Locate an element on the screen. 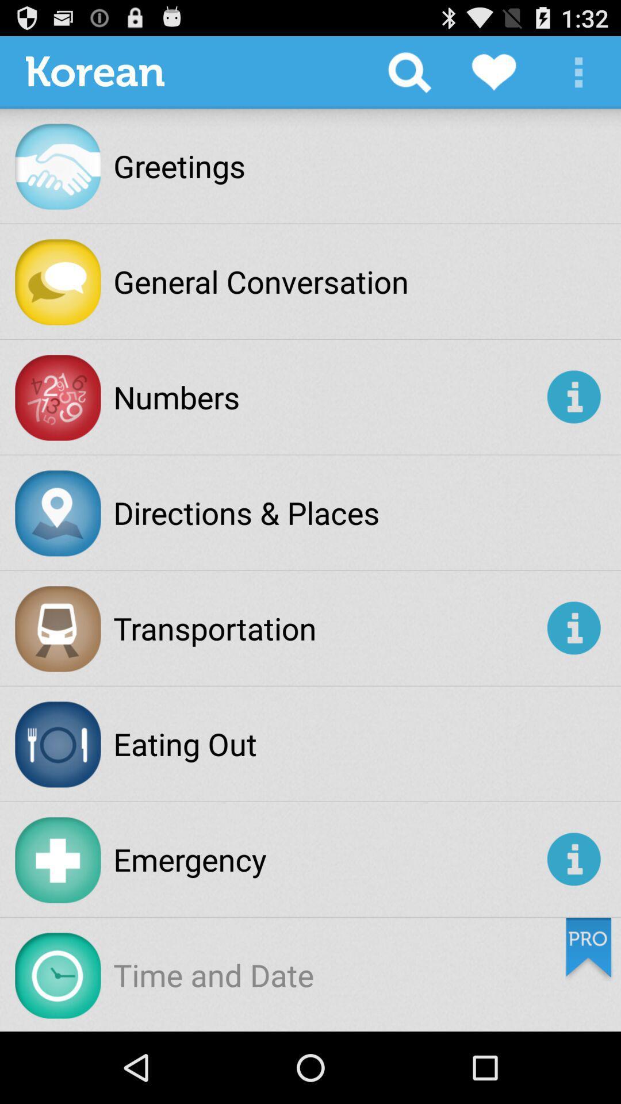 This screenshot has height=1104, width=621. the item next to the korean is located at coordinates (409, 71).